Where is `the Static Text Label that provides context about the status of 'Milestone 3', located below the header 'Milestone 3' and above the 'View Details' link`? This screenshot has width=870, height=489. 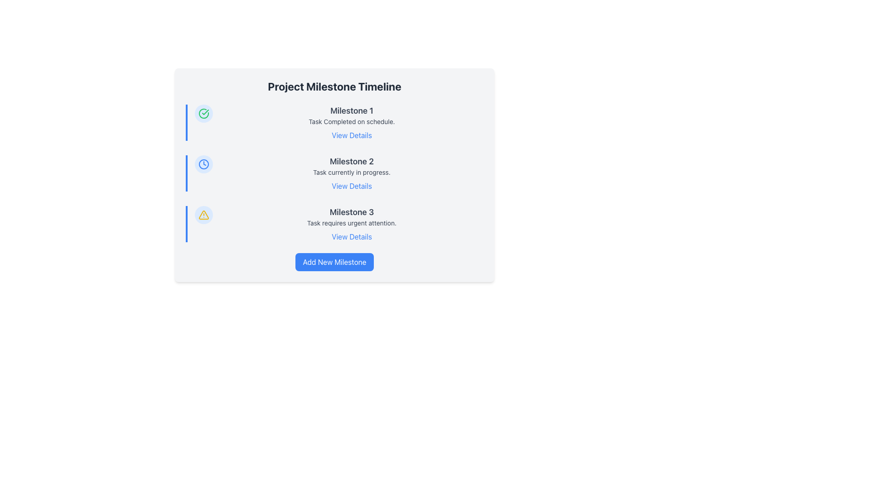
the Static Text Label that provides context about the status of 'Milestone 3', located below the header 'Milestone 3' and above the 'View Details' link is located at coordinates (351, 223).